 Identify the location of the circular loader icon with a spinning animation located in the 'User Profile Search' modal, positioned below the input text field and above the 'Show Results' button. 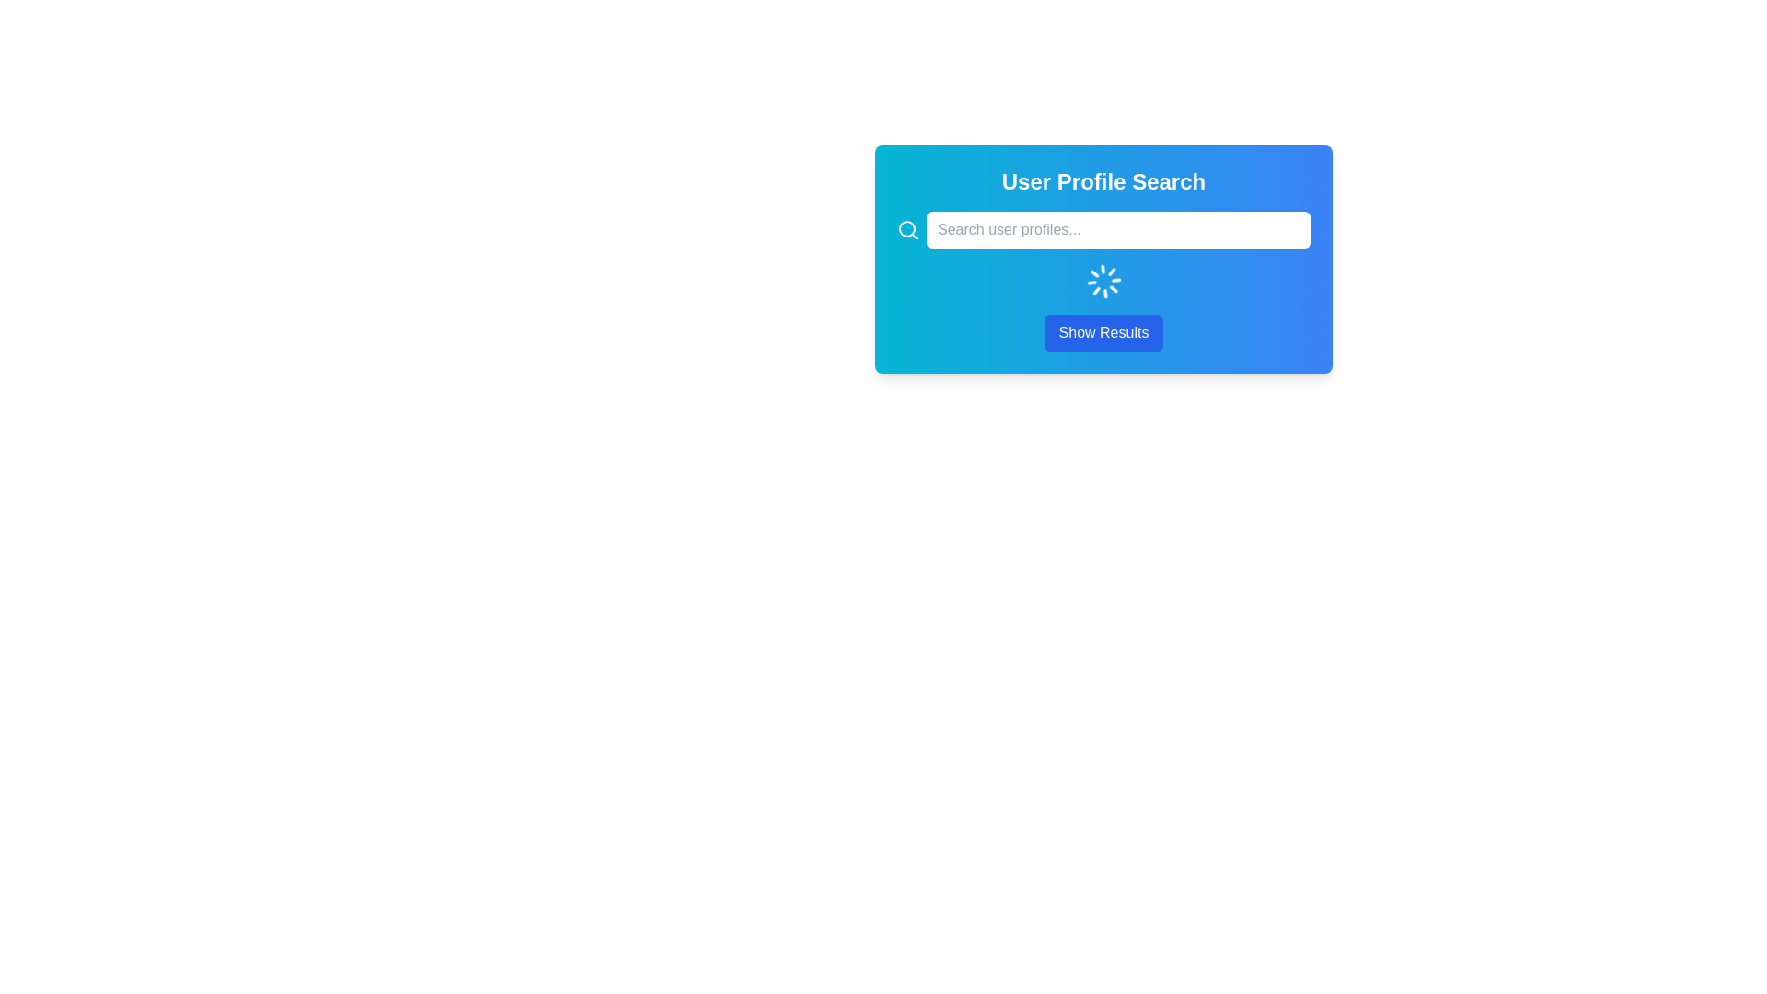
(1103, 281).